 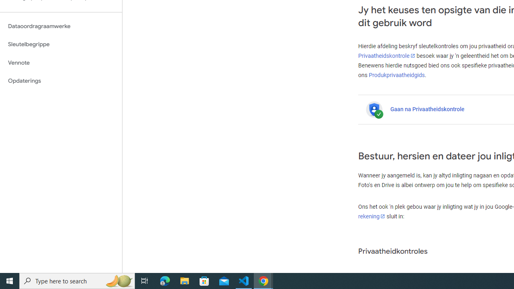 What do you see at coordinates (61, 62) in the screenshot?
I see `'Vennote'` at bounding box center [61, 62].